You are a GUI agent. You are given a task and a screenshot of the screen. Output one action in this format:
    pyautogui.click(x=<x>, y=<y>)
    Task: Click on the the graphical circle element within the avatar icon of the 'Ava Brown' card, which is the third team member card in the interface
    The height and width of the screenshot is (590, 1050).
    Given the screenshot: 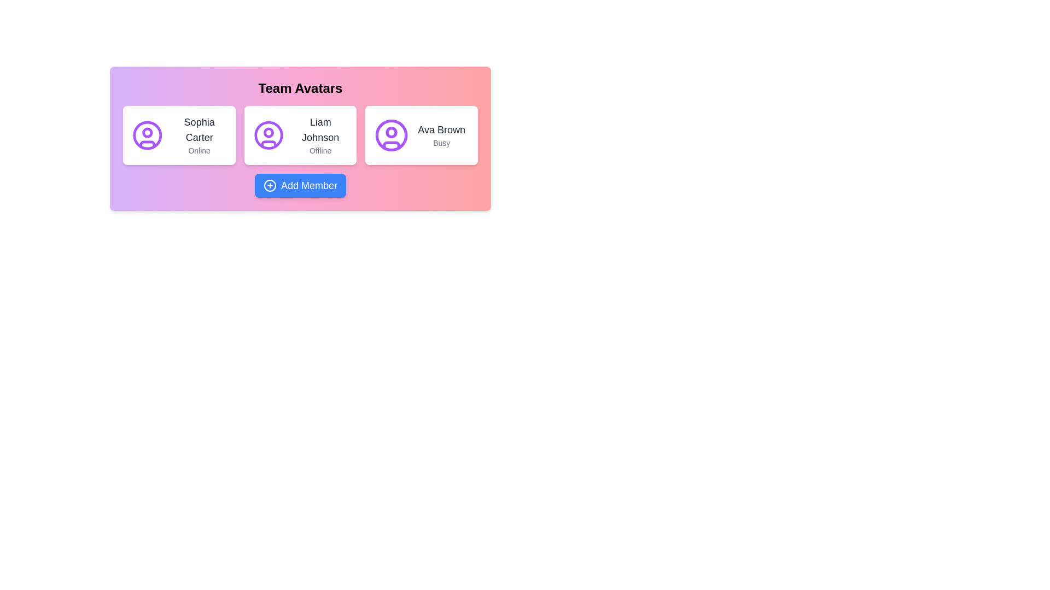 What is the action you would take?
    pyautogui.click(x=392, y=132)
    